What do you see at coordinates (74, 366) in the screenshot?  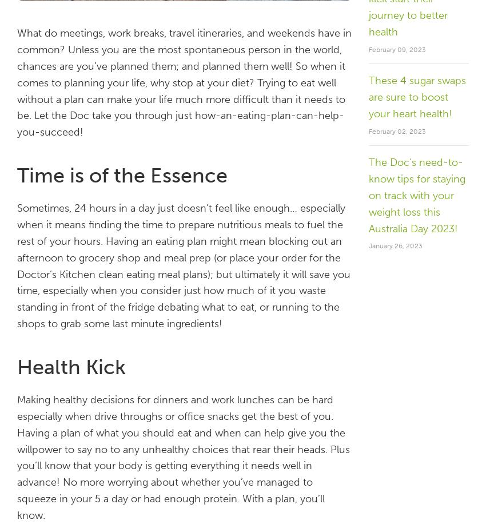 I see `'Health Kick'` at bounding box center [74, 366].